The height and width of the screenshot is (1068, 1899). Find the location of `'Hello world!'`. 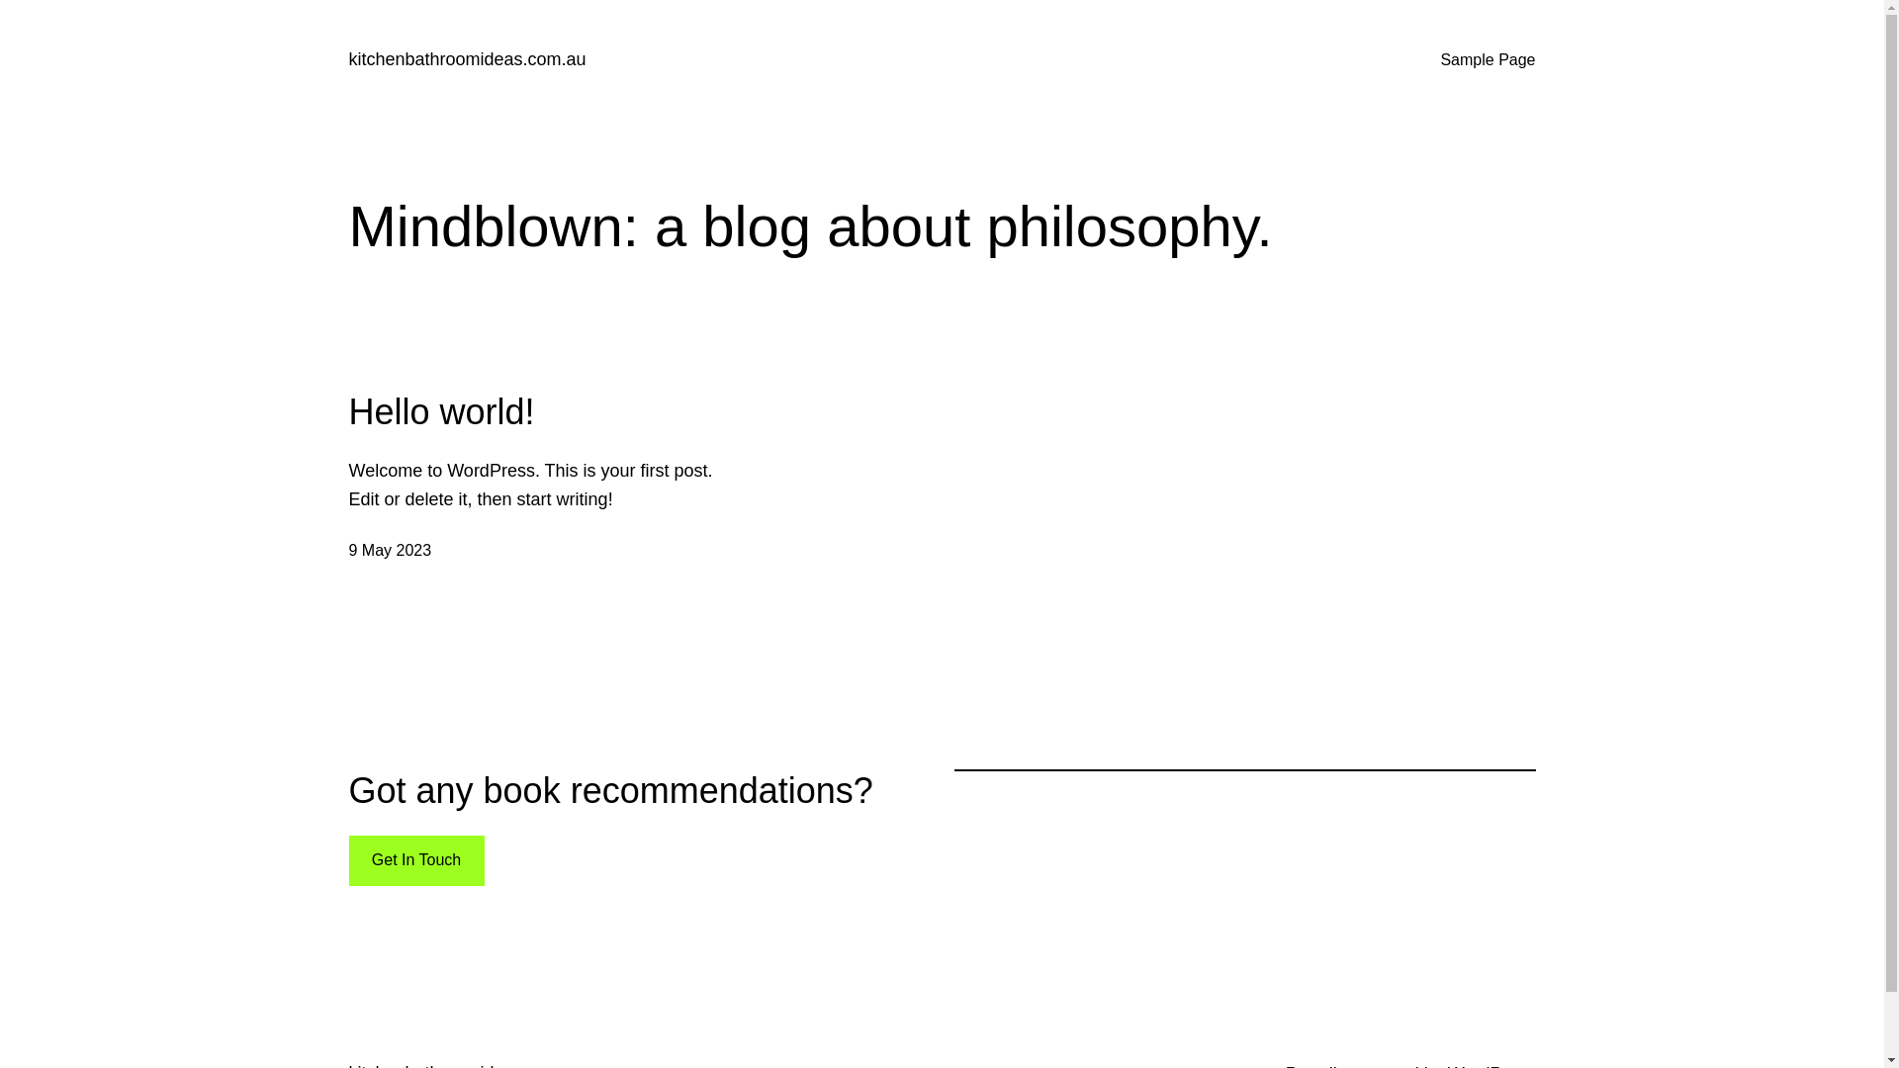

'Hello world!' is located at coordinates (440, 410).